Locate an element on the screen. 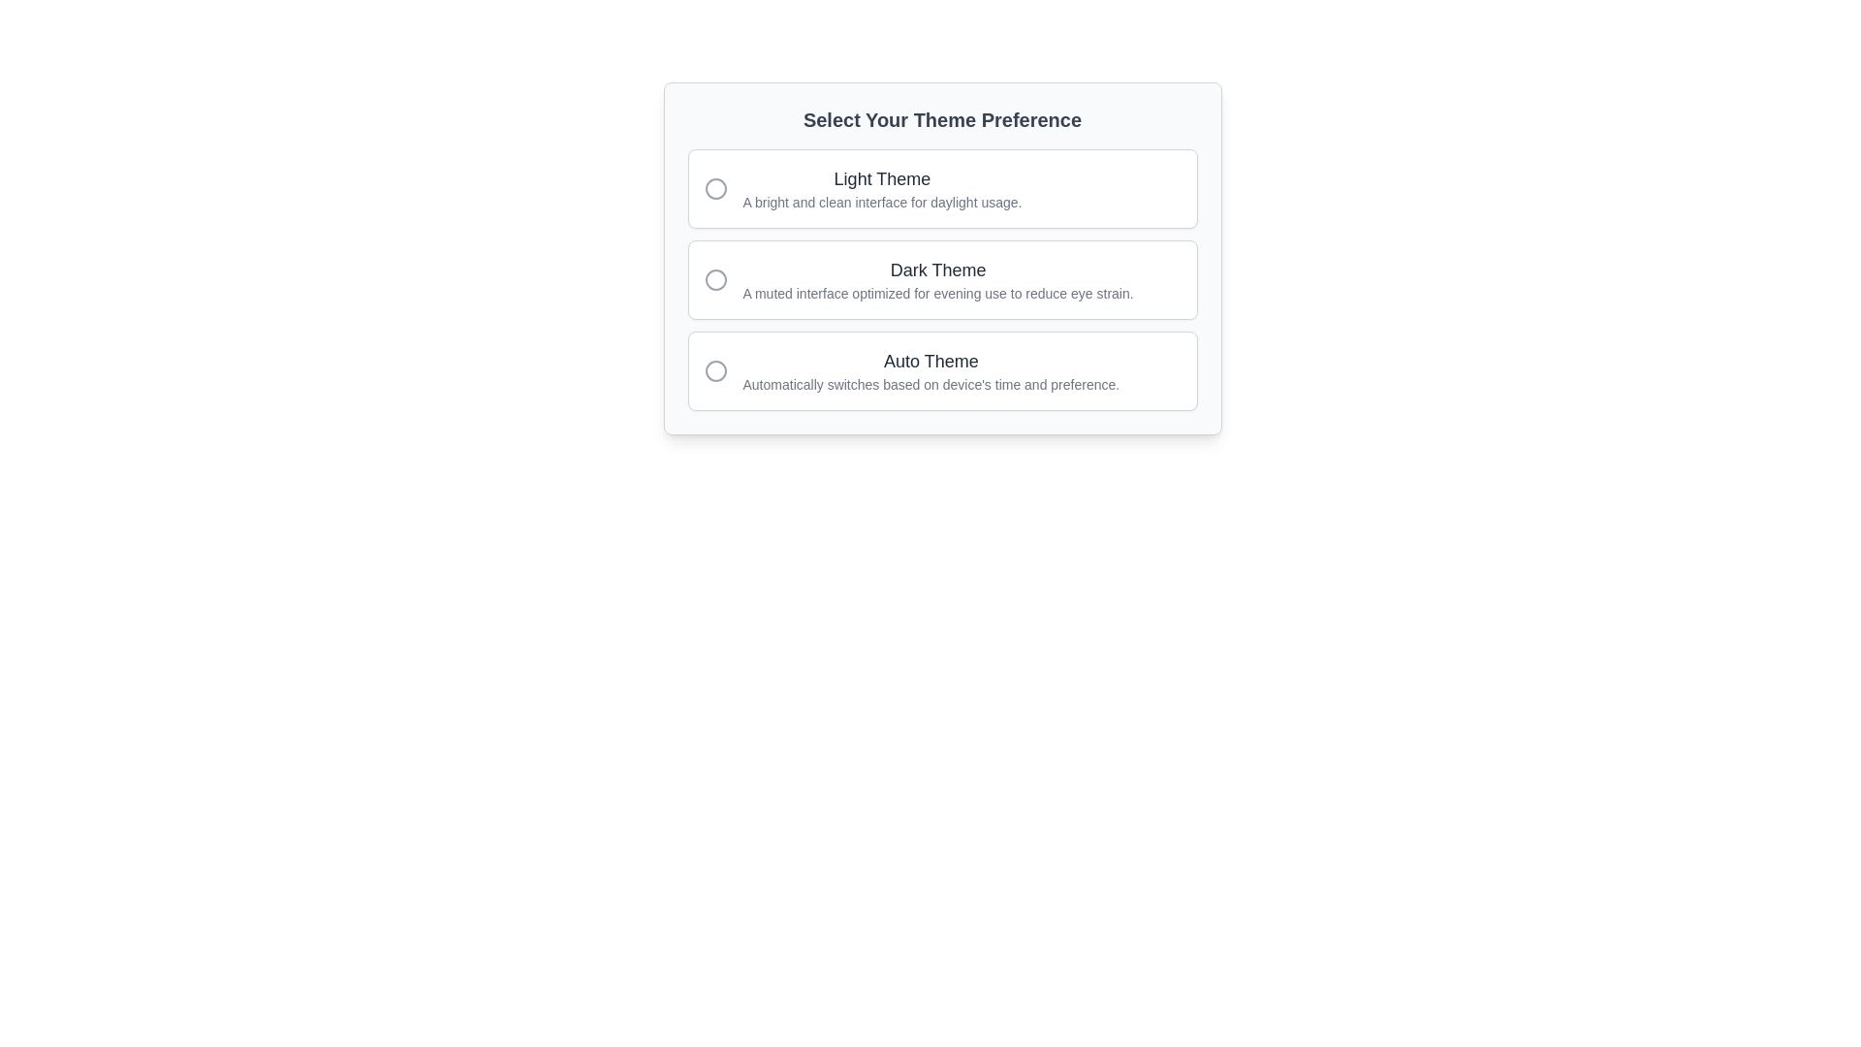  the visual marker for the selected state of the 'Dark Theme' radio button is located at coordinates (714, 280).